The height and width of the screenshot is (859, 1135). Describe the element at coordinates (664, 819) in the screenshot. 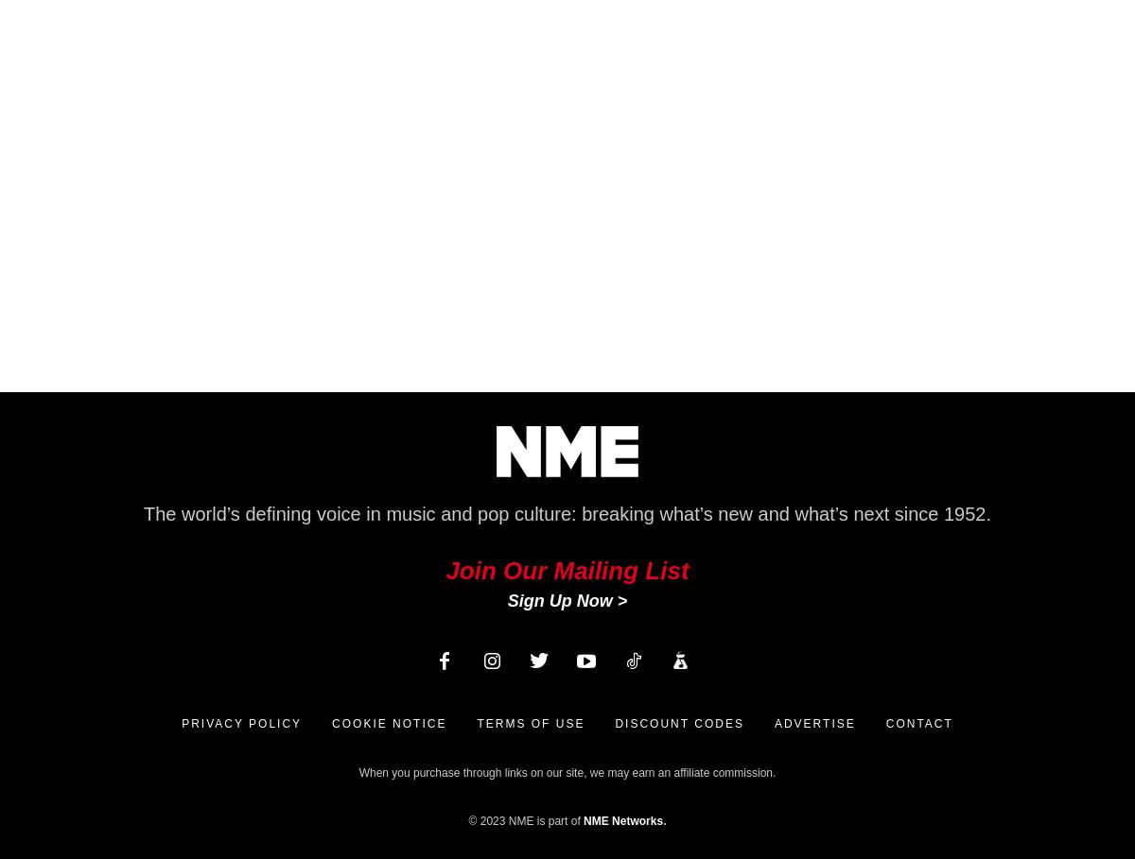

I see `'.'` at that location.